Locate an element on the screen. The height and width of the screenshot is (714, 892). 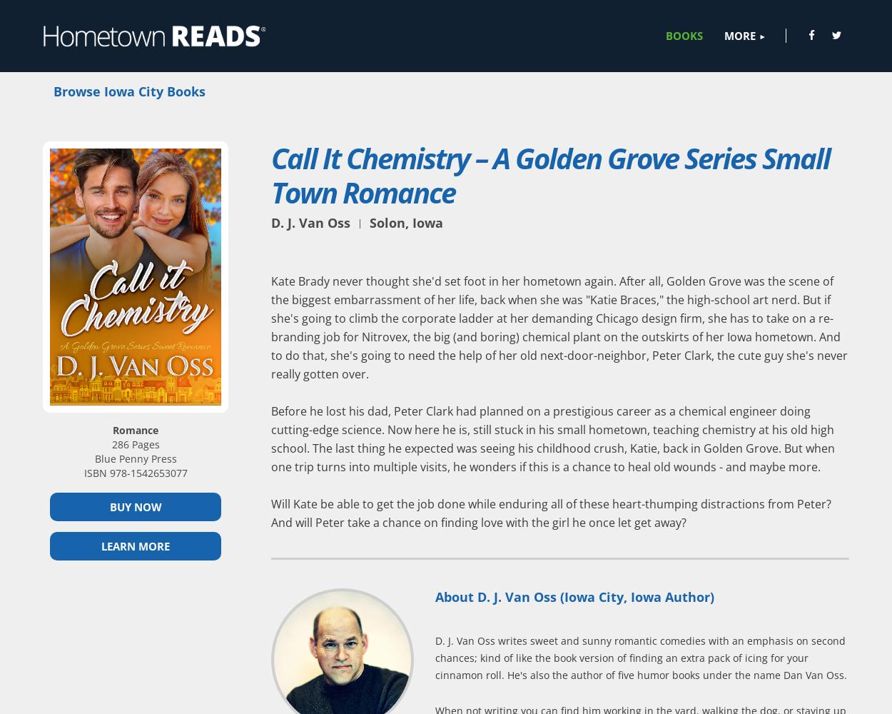
'Call It Chemistry – A Golden Grove Series Small Town Romance' is located at coordinates (550, 174).